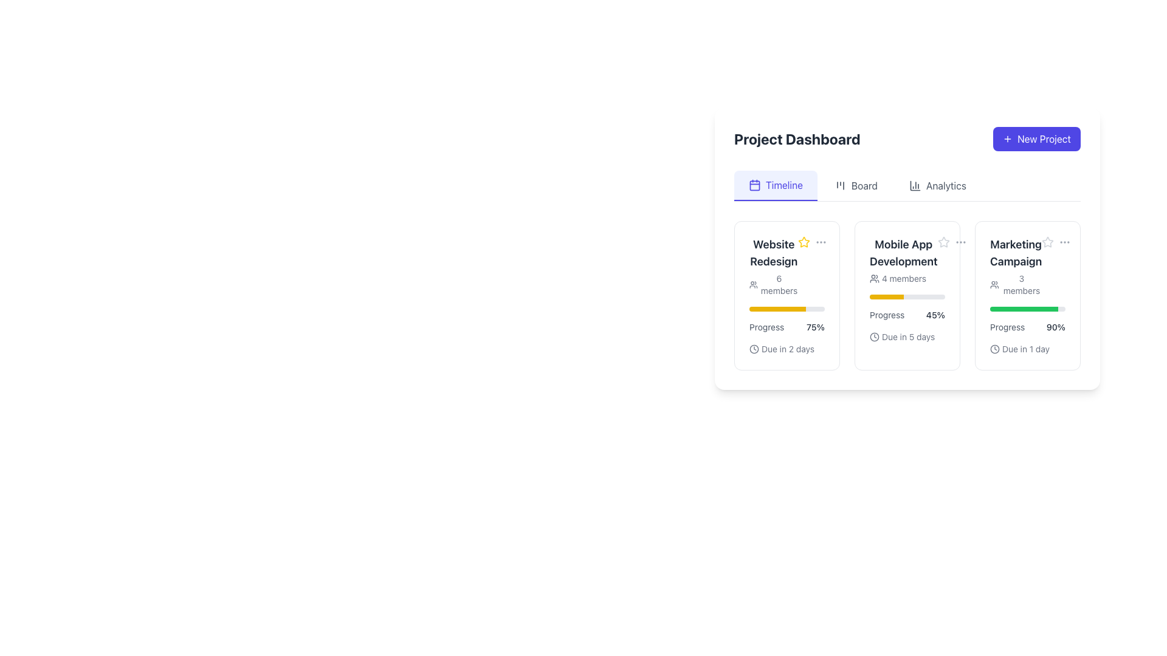 Image resolution: width=1167 pixels, height=656 pixels. Describe the element at coordinates (1027, 295) in the screenshot. I see `the 'Marketing Campaign' Display Card, which is the third item in a grid layout` at that location.